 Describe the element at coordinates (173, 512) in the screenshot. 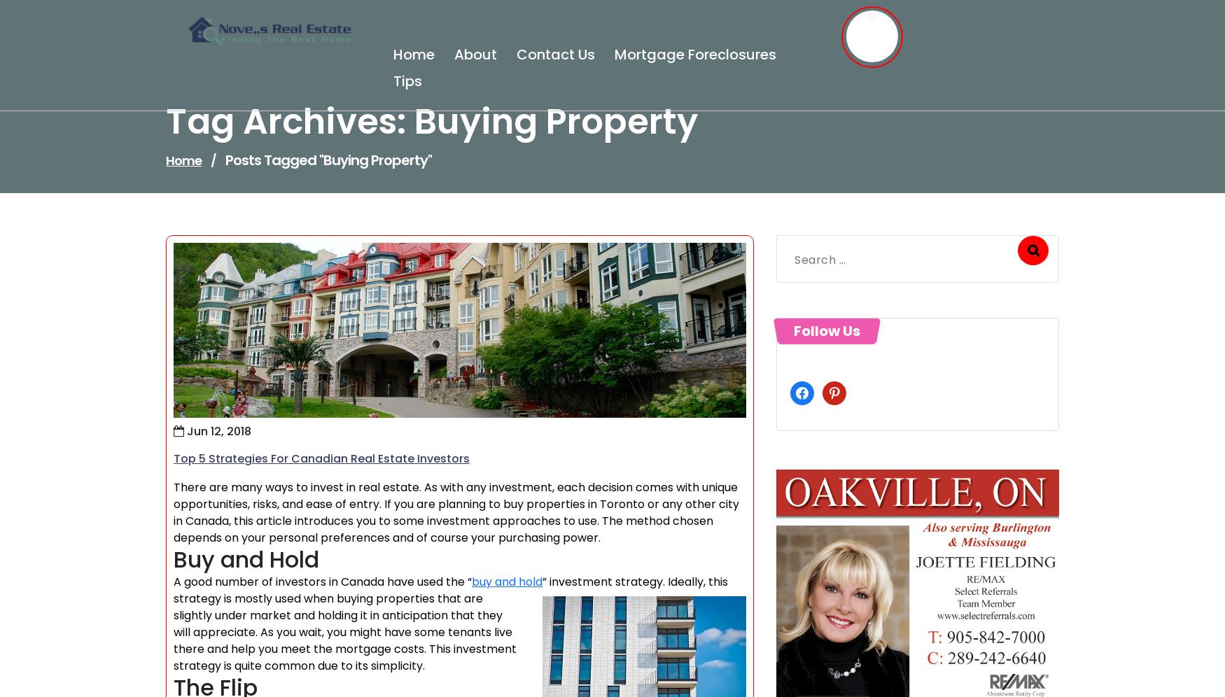

I see `'Work With a Realtor'` at that location.